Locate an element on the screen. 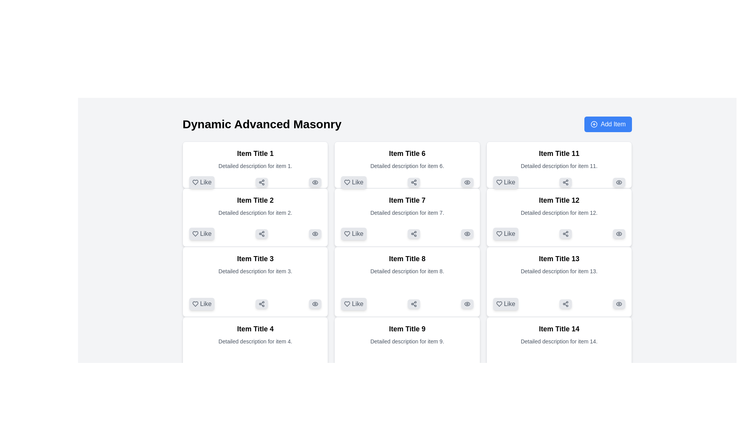 The image size is (749, 421). the textual content block located in the bottom-right corner of the grid layout is located at coordinates (559, 348).